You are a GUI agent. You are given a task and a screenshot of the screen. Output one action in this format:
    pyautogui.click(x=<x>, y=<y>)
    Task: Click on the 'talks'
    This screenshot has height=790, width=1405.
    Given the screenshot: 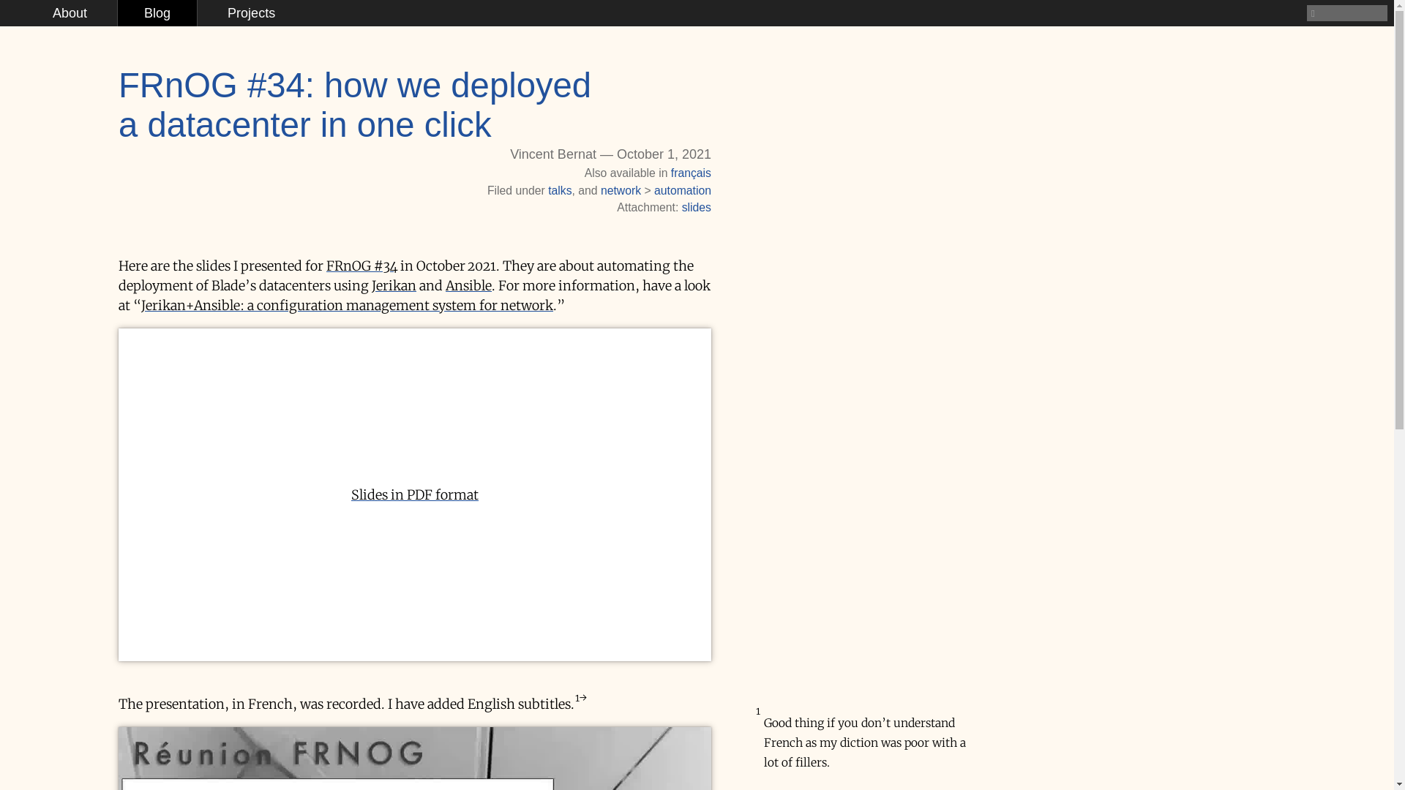 What is the action you would take?
    pyautogui.click(x=558, y=189)
    